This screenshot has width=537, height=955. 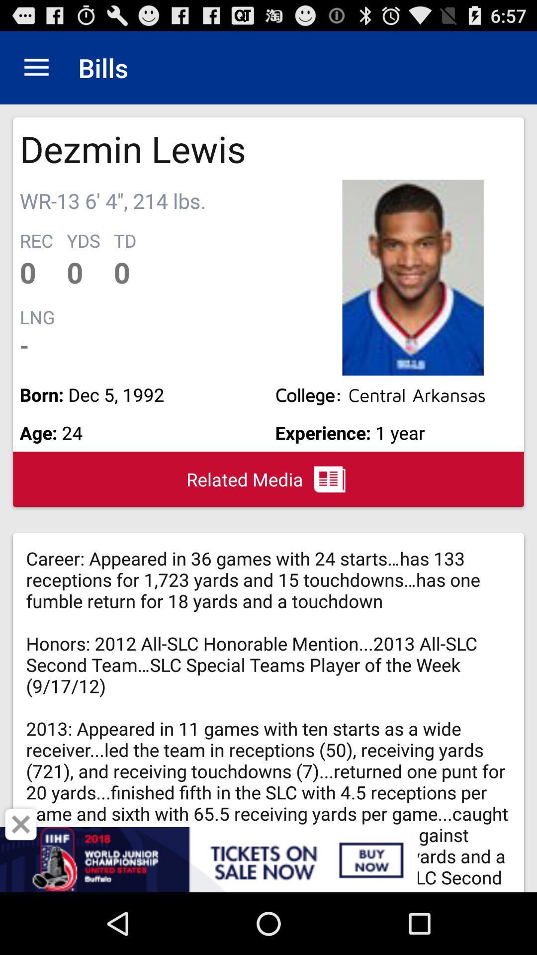 What do you see at coordinates (268, 859) in the screenshot?
I see `open advertisement` at bounding box center [268, 859].